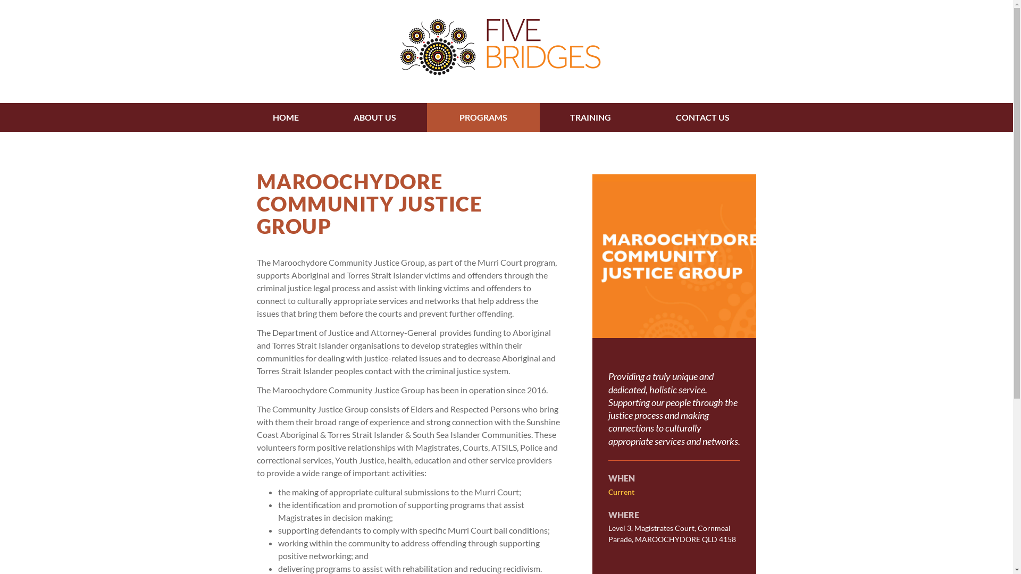  Describe the element at coordinates (286, 117) in the screenshot. I see `'HOME'` at that location.